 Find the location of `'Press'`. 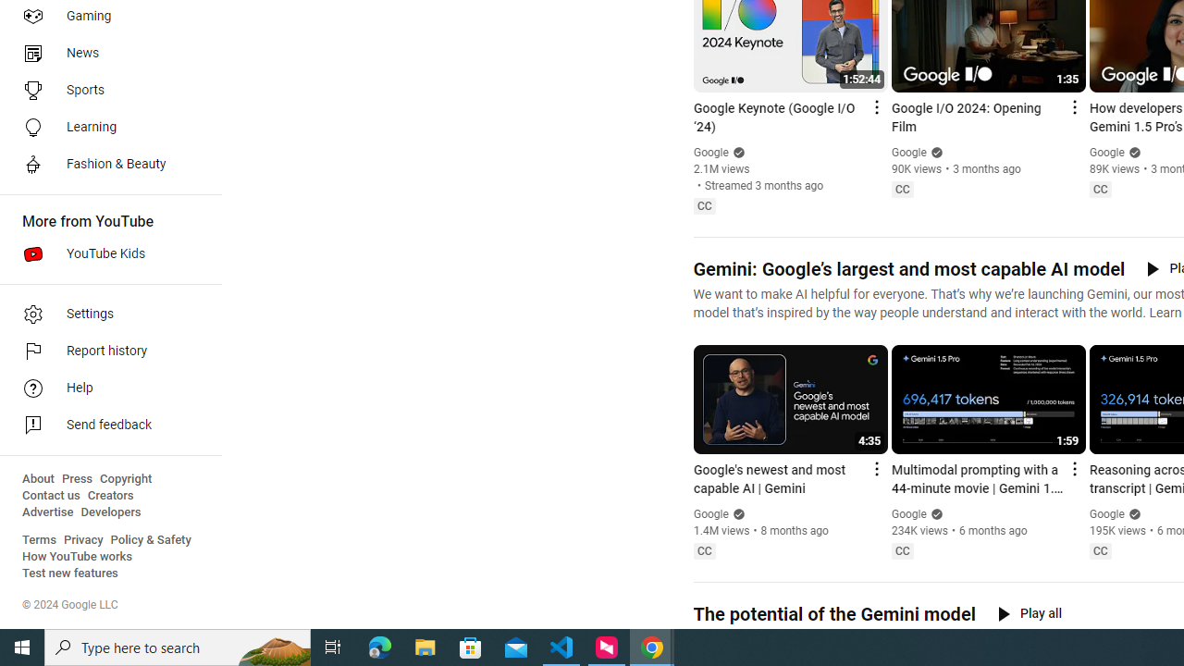

'Press' is located at coordinates (76, 478).